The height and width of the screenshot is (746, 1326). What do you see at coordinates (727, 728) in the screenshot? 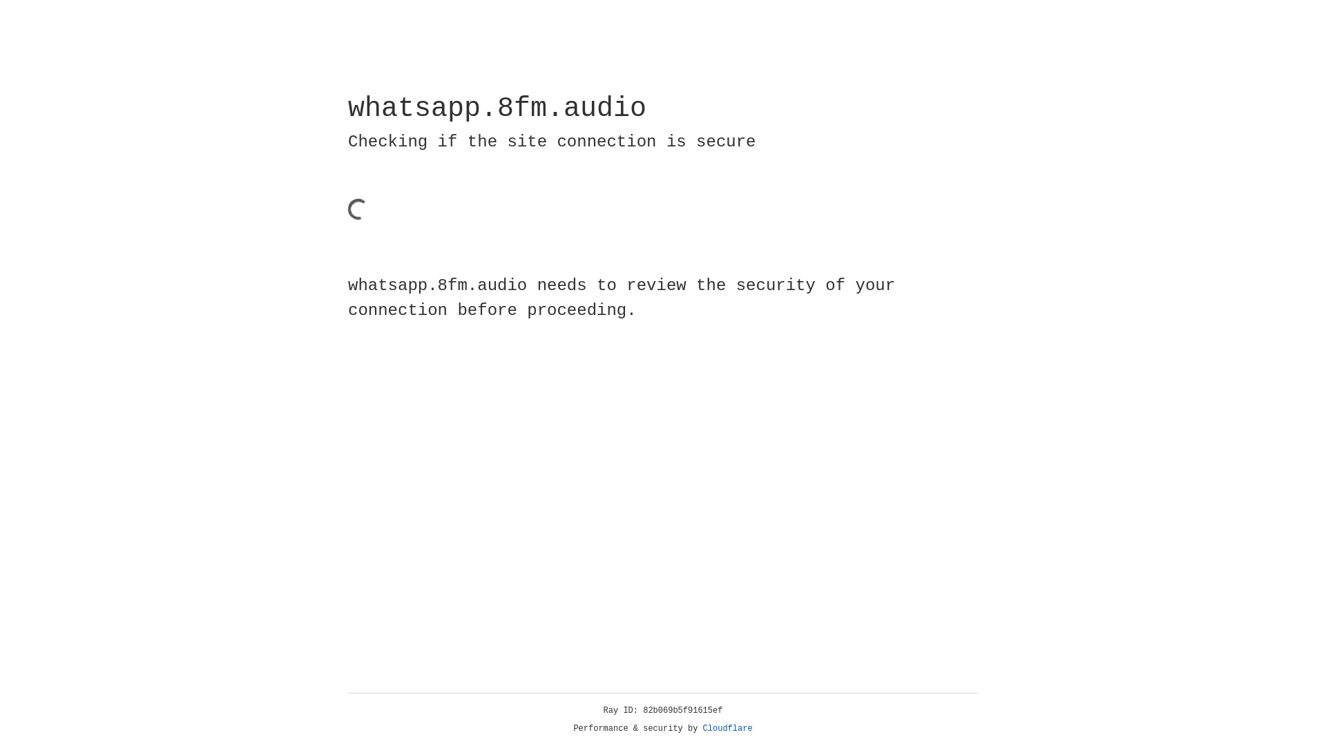
I see `'Cloudflare'` at bounding box center [727, 728].